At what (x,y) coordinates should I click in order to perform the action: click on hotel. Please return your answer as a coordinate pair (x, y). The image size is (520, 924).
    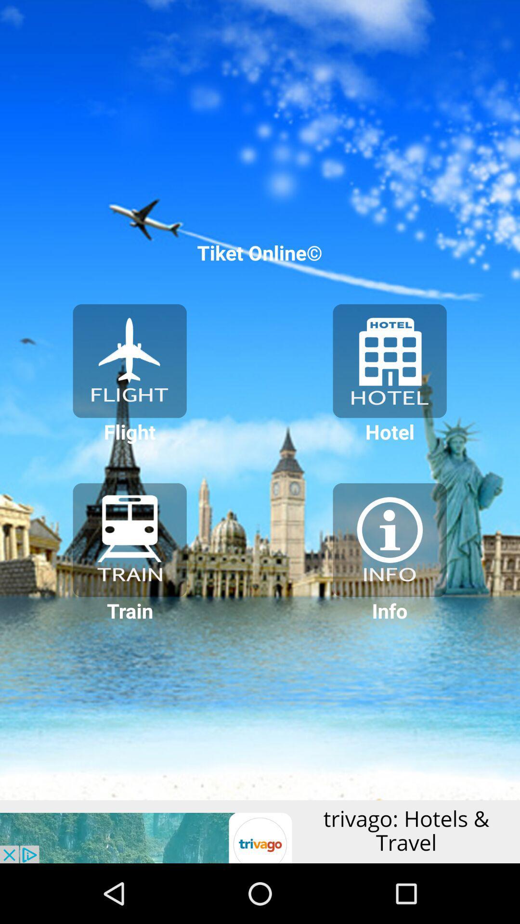
    Looking at the image, I should click on (389, 360).